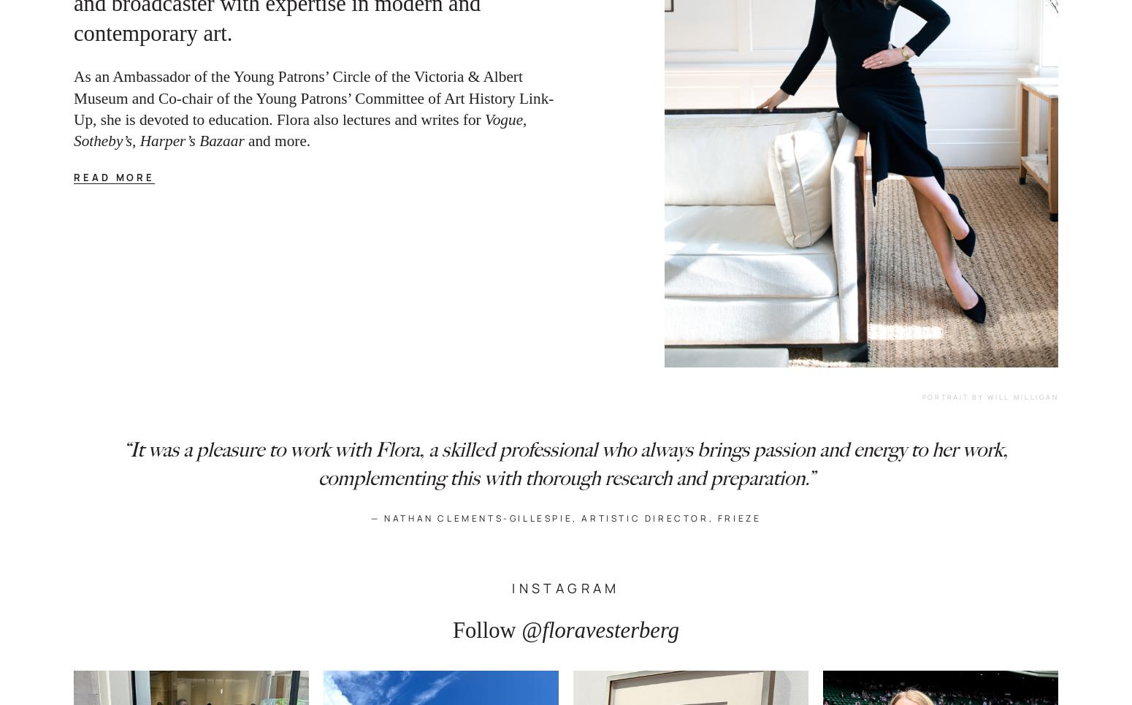  What do you see at coordinates (302, 129) in the screenshot?
I see `'Vogue, Sotheby’s, Harper’s Bazaar'` at bounding box center [302, 129].